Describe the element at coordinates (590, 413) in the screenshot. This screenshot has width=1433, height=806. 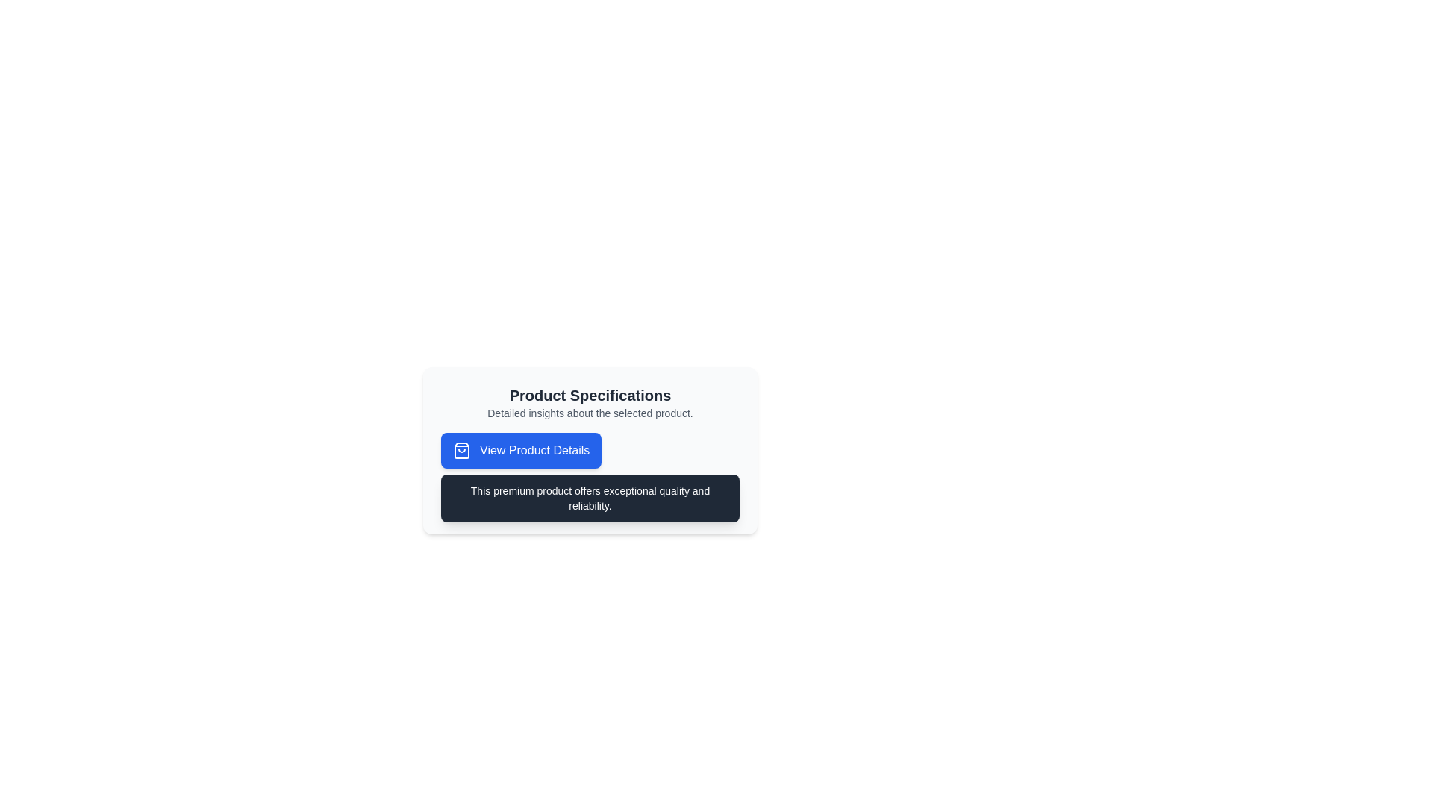
I see `the explanatory text block that provides additional information for the 'Product Specifications' section, which is centrally aligned and positioned below the primary heading` at that location.